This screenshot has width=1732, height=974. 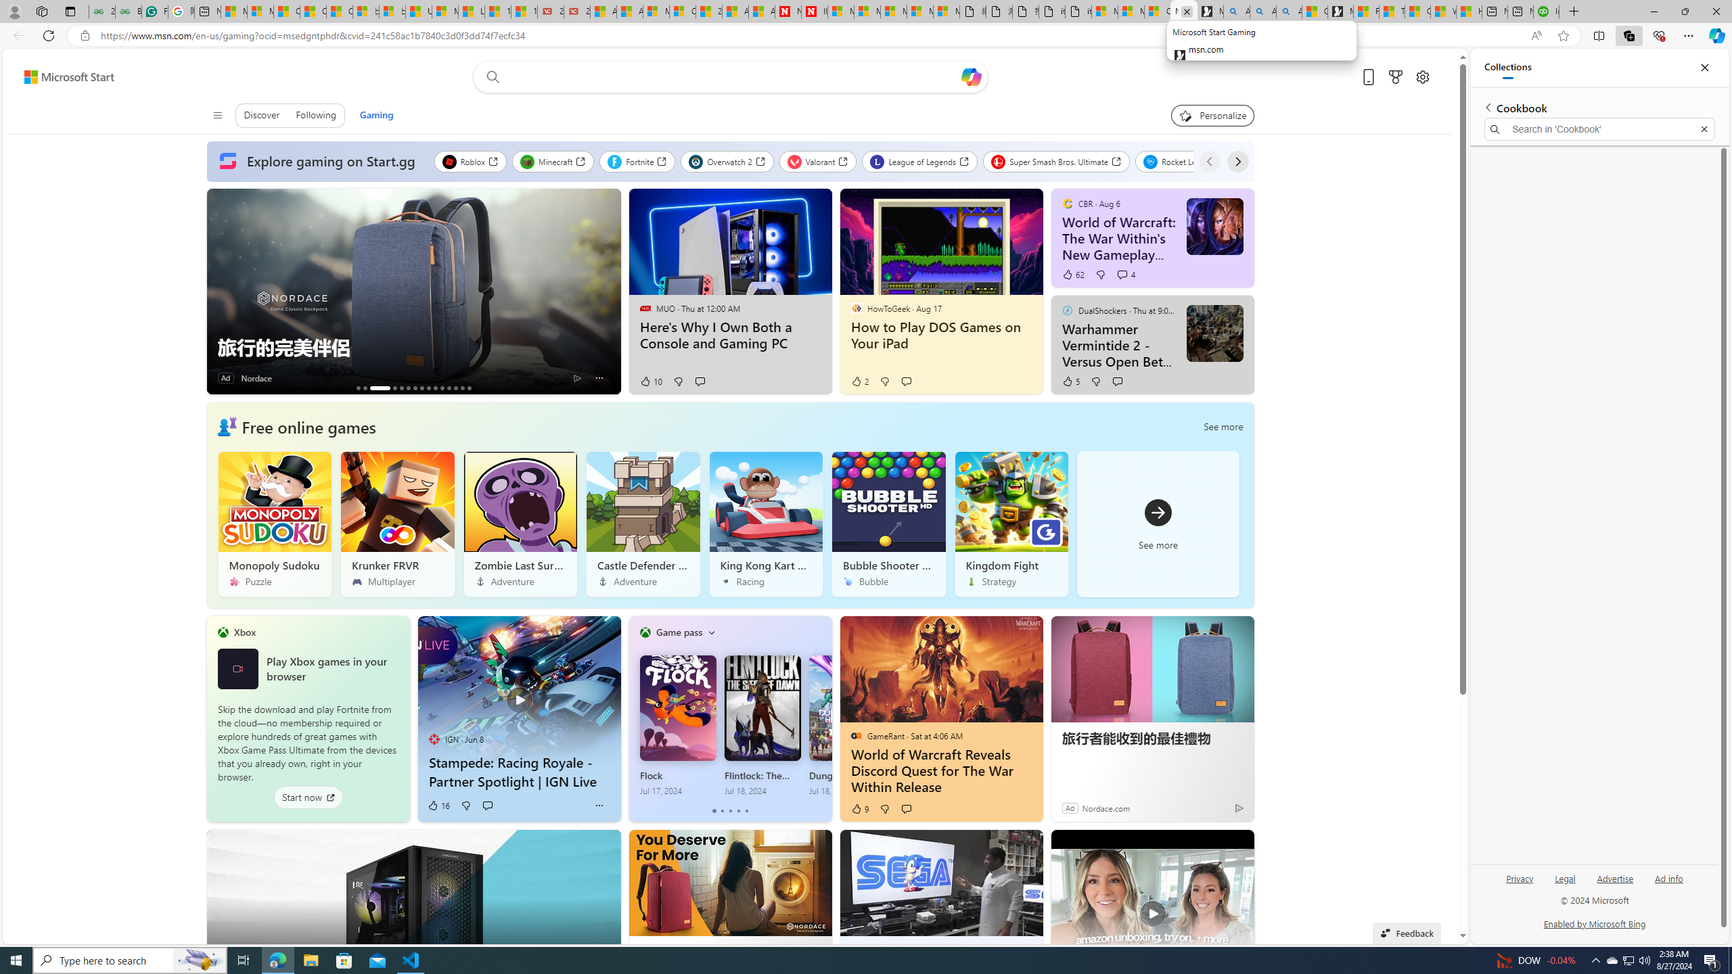 What do you see at coordinates (824, 718) in the screenshot?
I see `'Class: next-flipper'` at bounding box center [824, 718].